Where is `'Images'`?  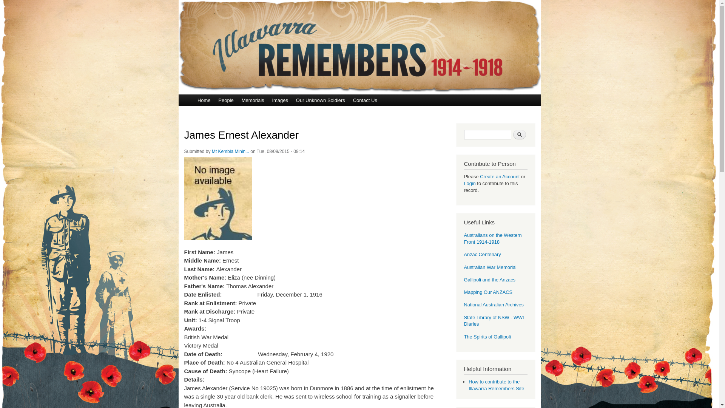
'Images' is located at coordinates (279, 100).